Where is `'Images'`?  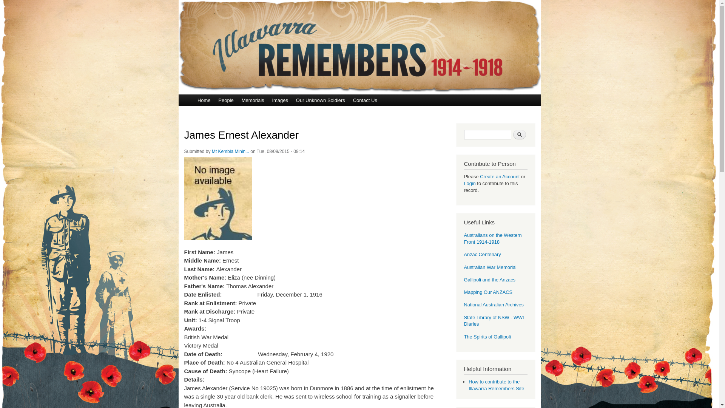
'Images' is located at coordinates (279, 100).